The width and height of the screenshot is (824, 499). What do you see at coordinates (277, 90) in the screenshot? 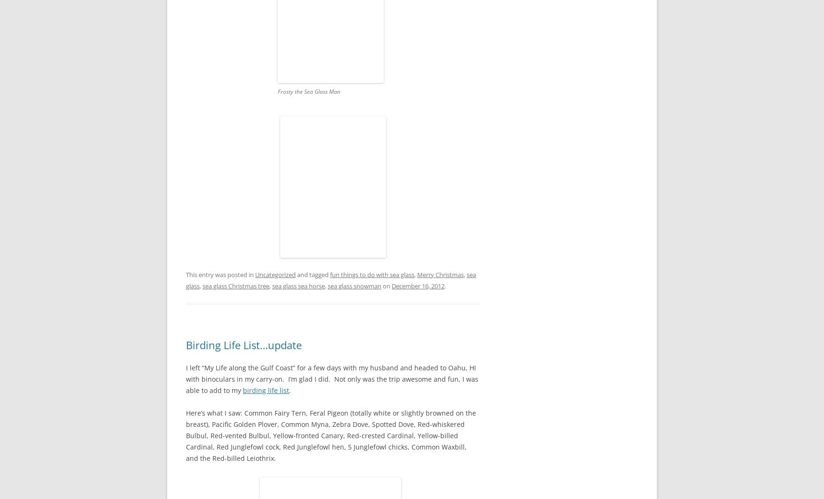
I see `'Frosty the Sea Glass Man'` at bounding box center [277, 90].